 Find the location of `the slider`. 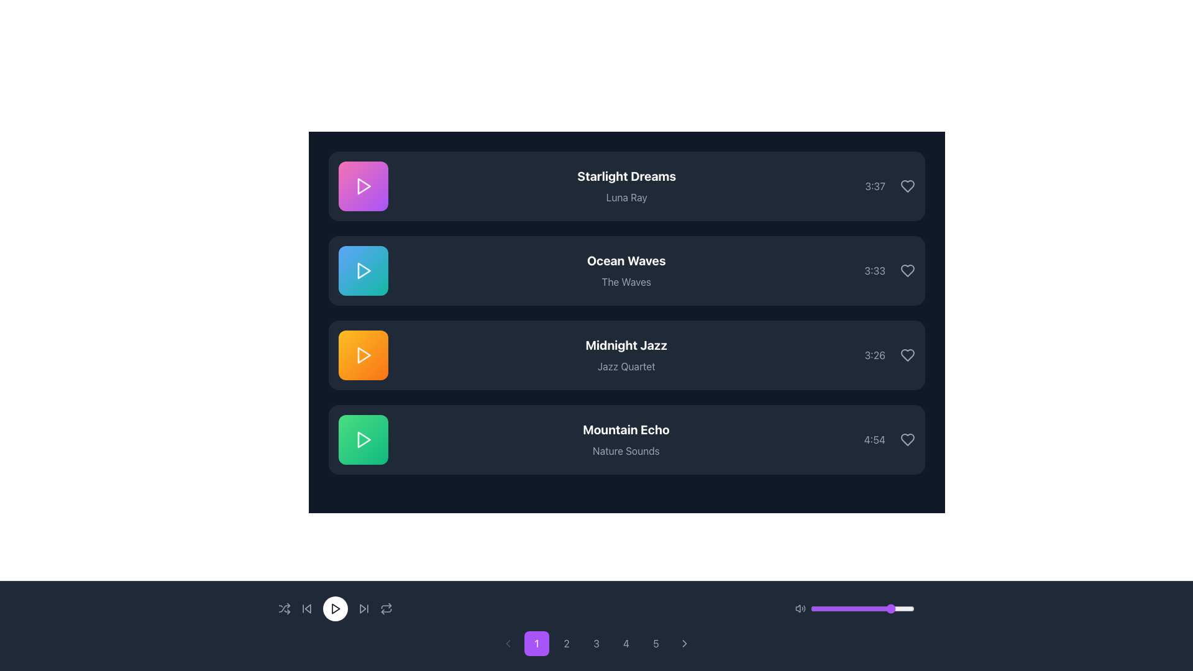

the slider is located at coordinates (876, 608).